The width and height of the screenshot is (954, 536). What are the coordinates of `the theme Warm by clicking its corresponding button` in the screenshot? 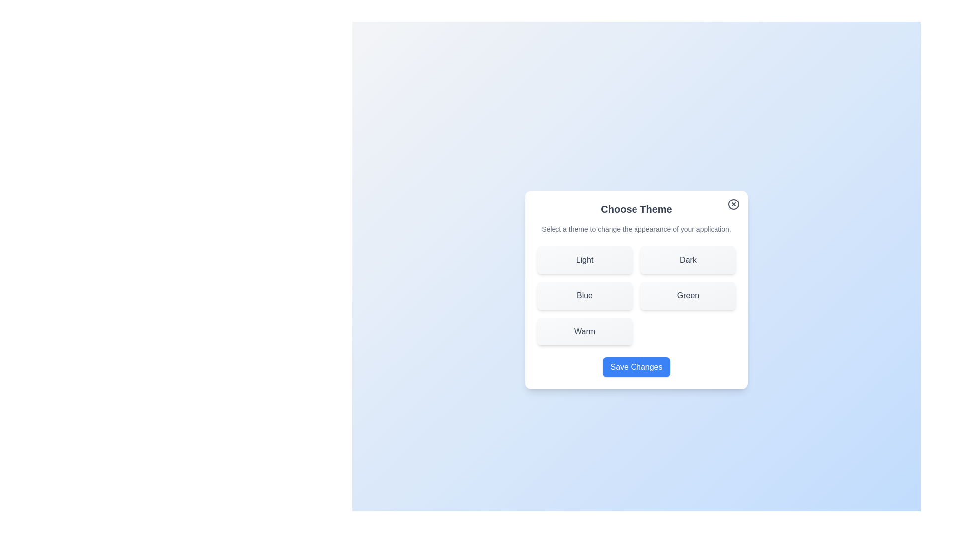 It's located at (584, 331).